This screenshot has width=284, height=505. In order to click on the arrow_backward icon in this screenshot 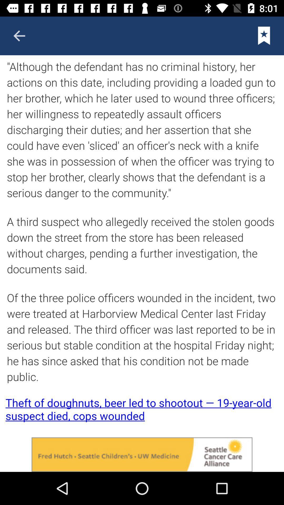, I will do `click(19, 36)`.